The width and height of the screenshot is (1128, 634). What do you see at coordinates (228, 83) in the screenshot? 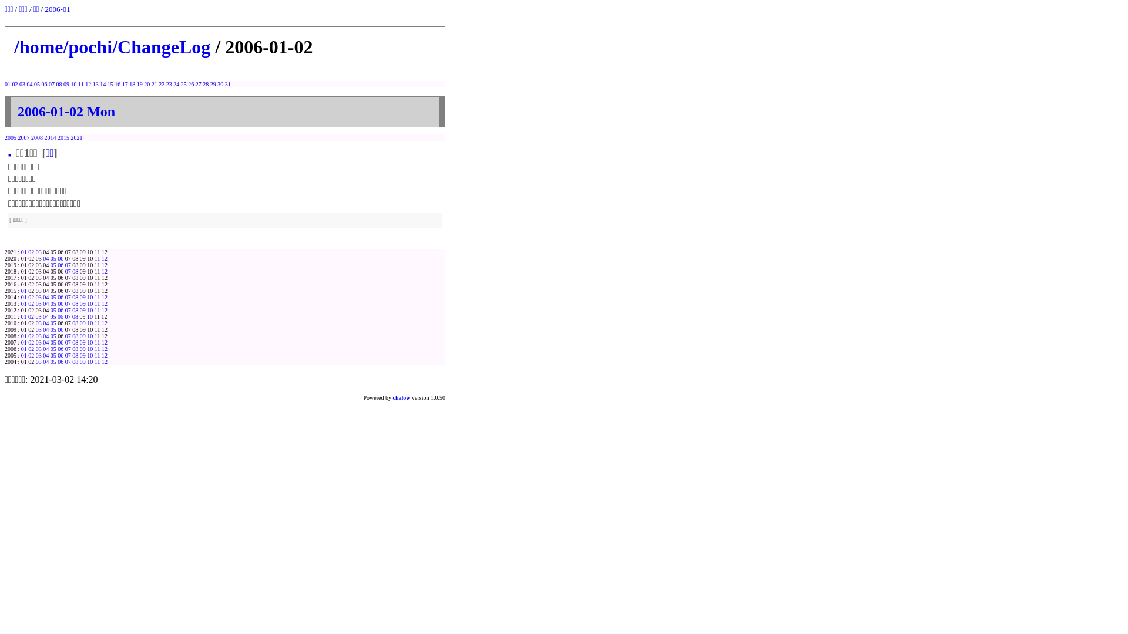
I see `'31'` at bounding box center [228, 83].